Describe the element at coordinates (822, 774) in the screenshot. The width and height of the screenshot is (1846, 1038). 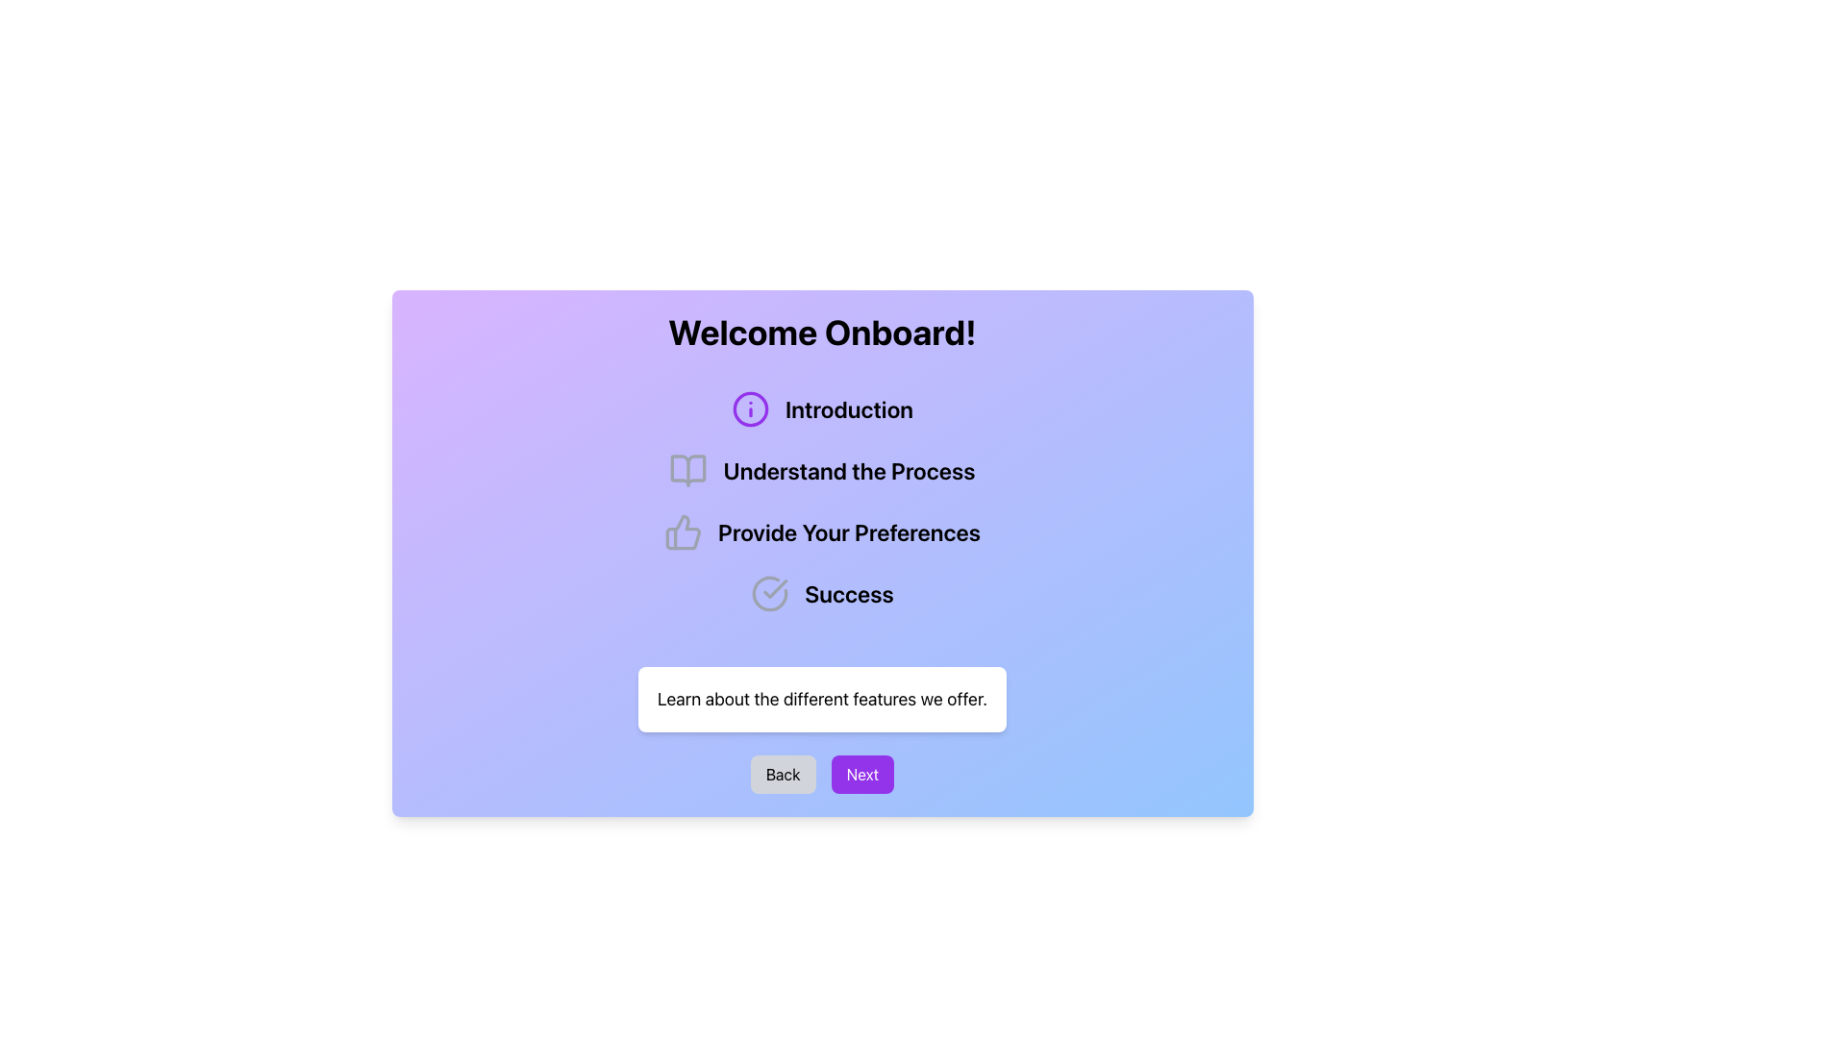
I see `the 'Back' button in the navigation button group` at that location.